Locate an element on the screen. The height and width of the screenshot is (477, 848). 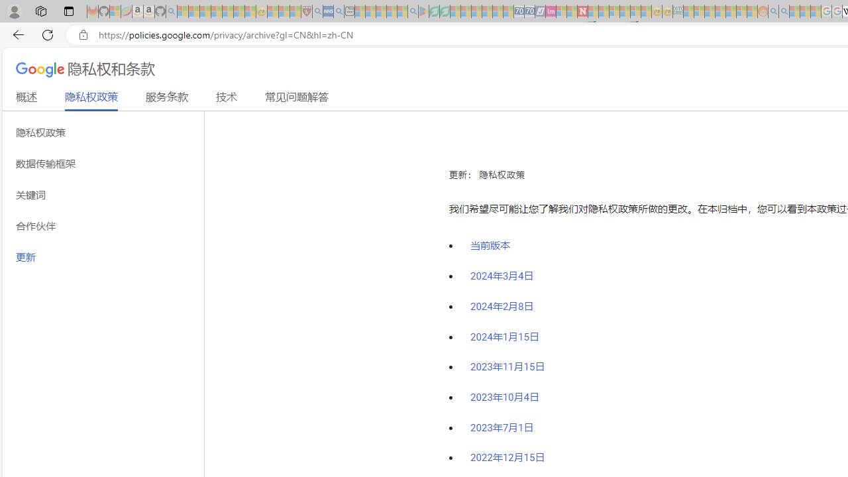
'Pets - MSN - Sleeping' is located at coordinates (391, 11).